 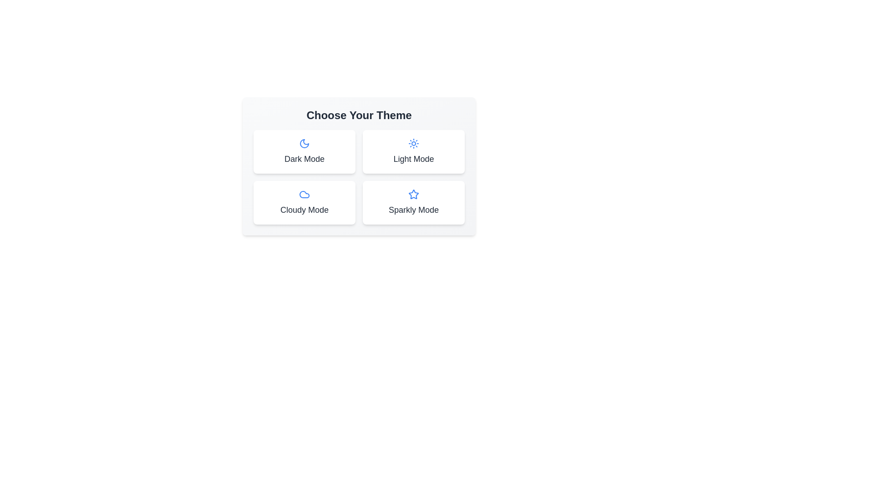 What do you see at coordinates (304, 194) in the screenshot?
I see `the 'Cloudy Mode' icon in the theme selection menu, which is the central visual element of the button located in the bottom-left quadrant of the theme options` at bounding box center [304, 194].